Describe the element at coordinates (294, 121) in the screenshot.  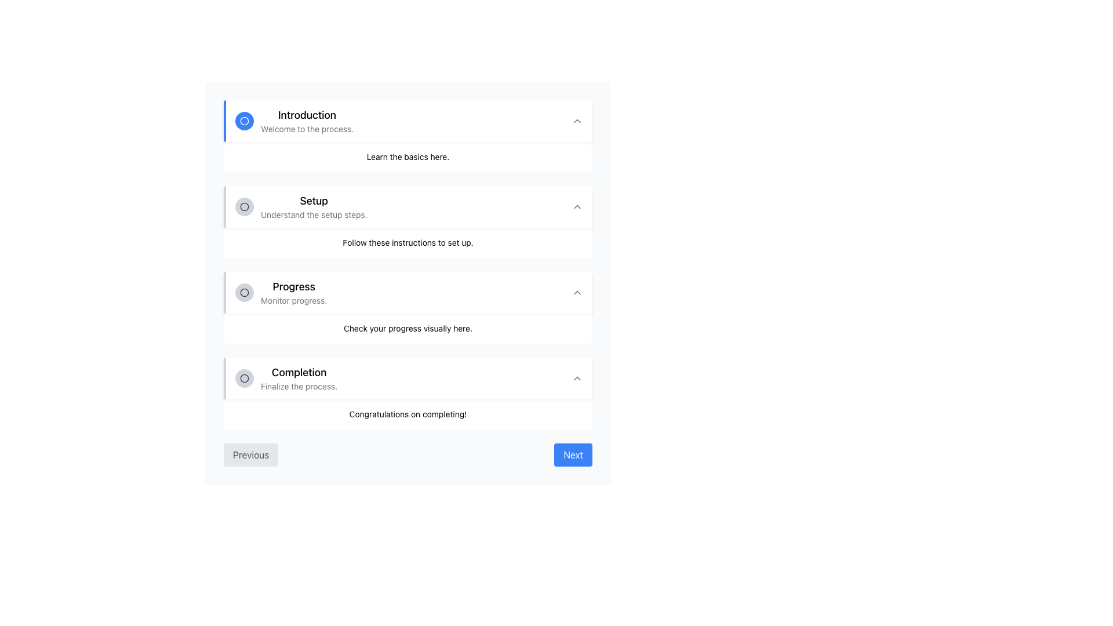
I see `the 'Introduction' text element with a circular blue icon, which is positioned at the top of the list above 'Setup'` at that location.